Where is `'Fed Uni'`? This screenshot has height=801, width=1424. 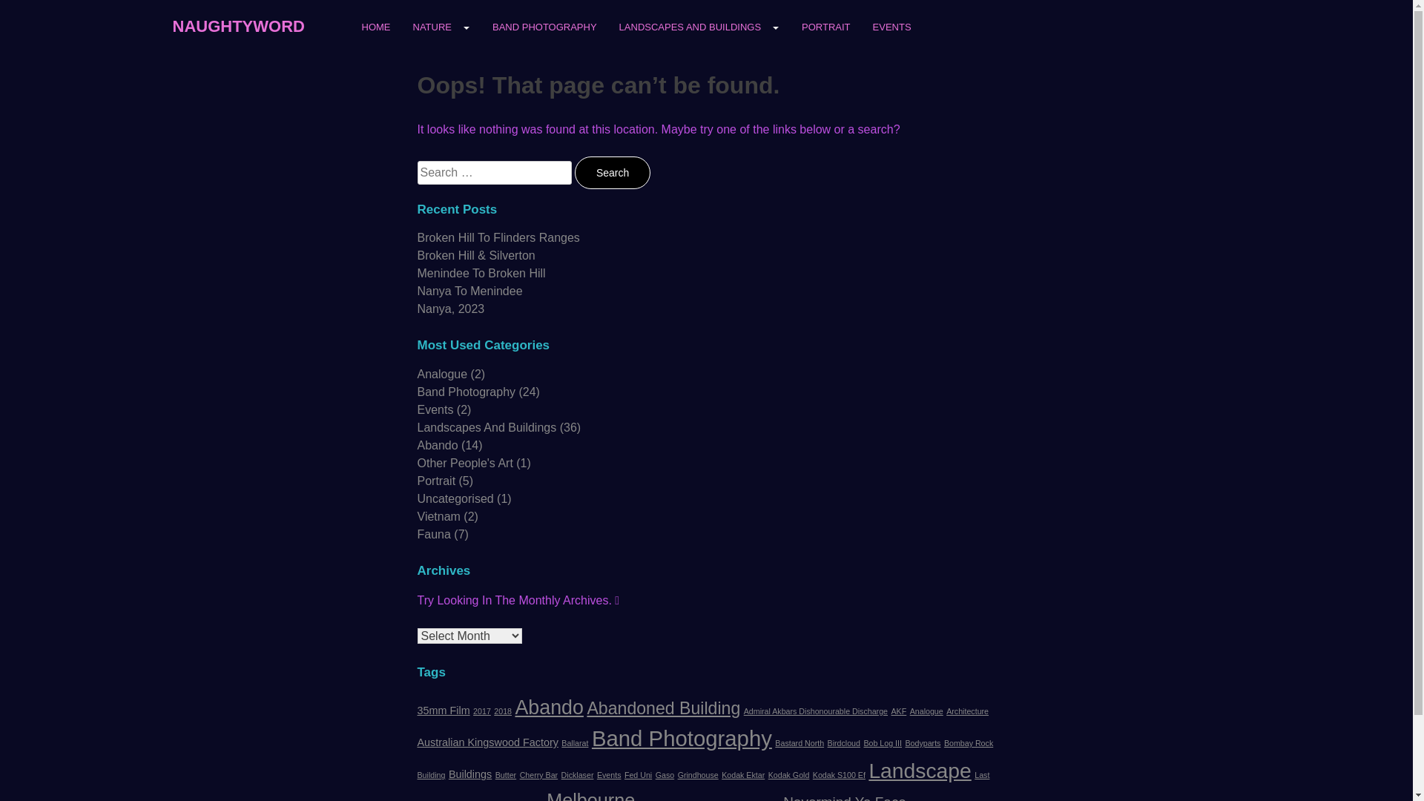
'Fed Uni' is located at coordinates (638, 774).